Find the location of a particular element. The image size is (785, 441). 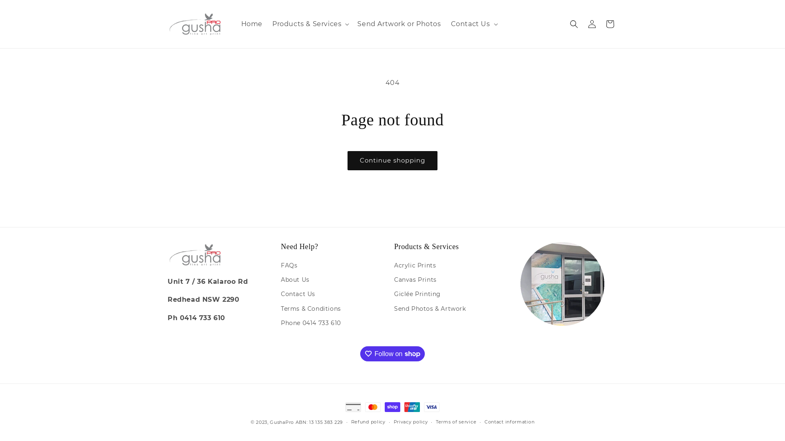

'Home' is located at coordinates (251, 24).